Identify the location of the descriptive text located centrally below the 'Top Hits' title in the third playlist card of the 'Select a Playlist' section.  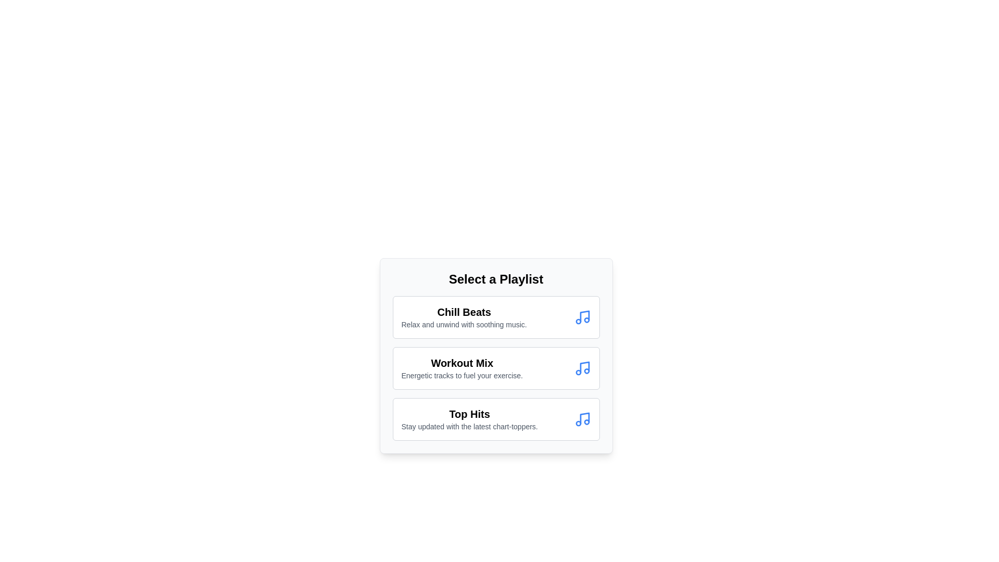
(469, 427).